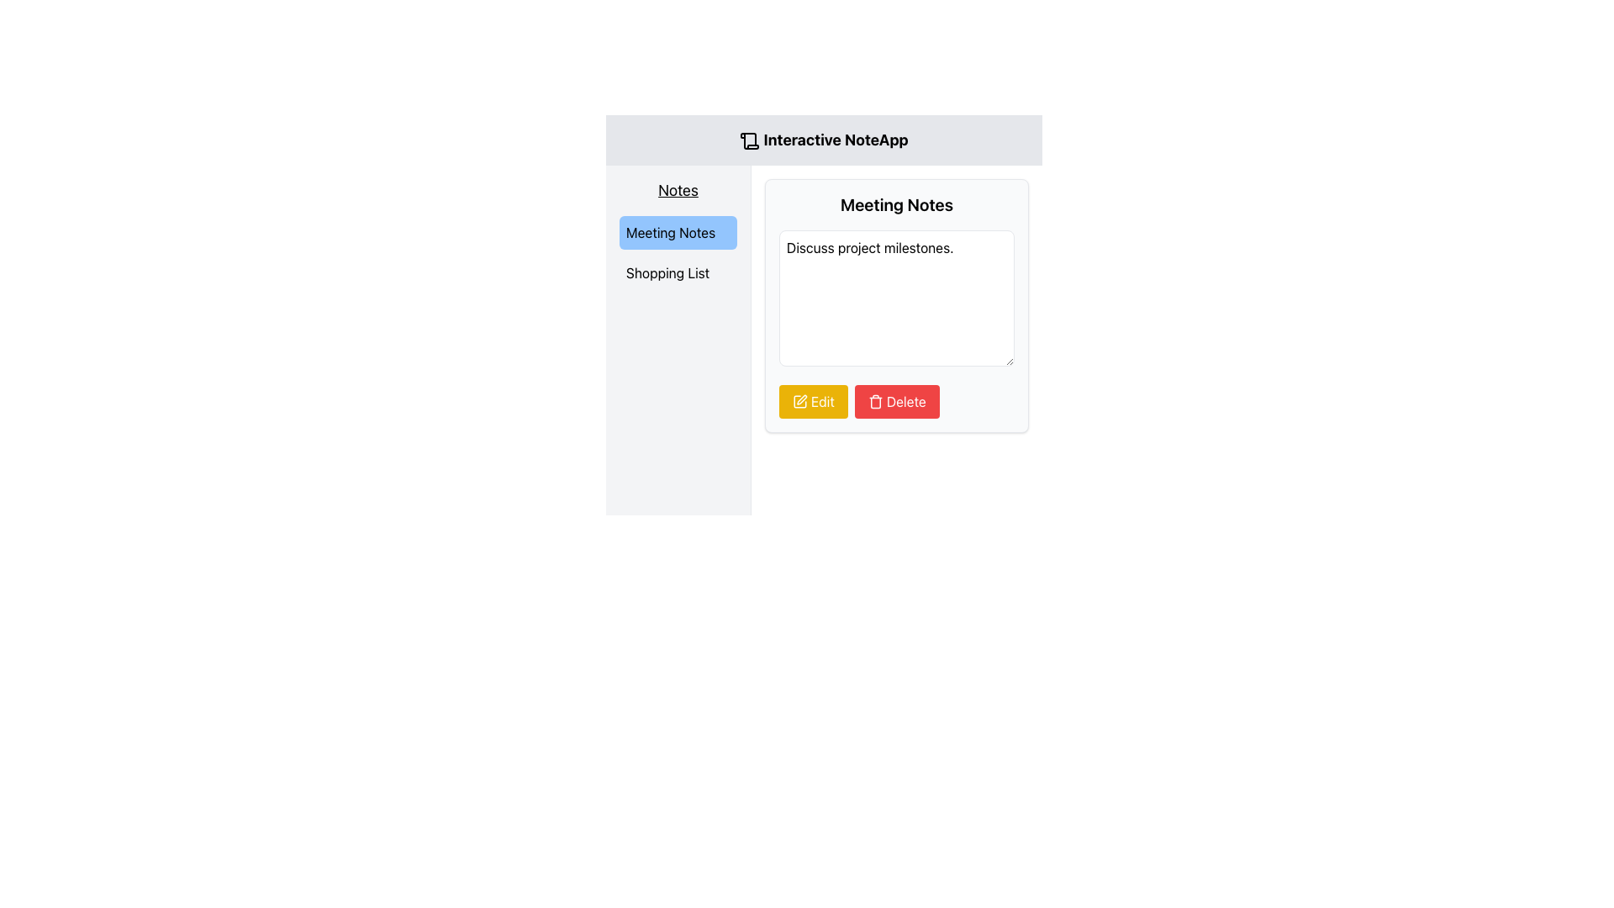  What do you see at coordinates (749, 140) in the screenshot?
I see `the scroll icon located to the left of the 'Interactive NoteApp' text in the header` at bounding box center [749, 140].